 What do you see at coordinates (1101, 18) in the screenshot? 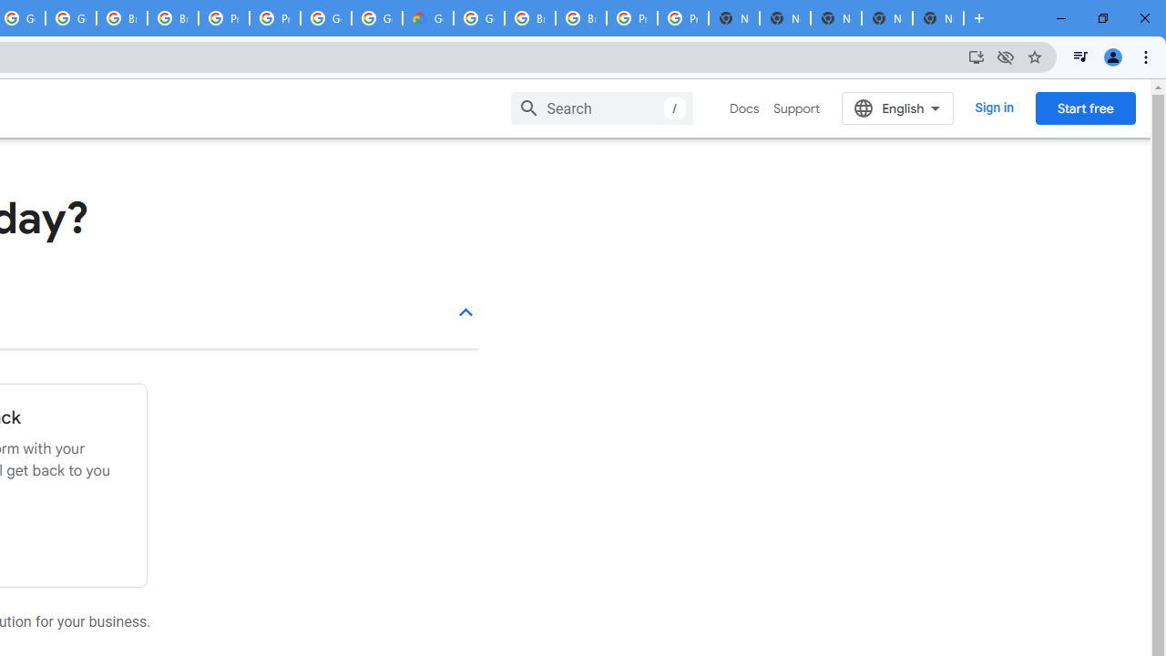
I see `'Restore'` at bounding box center [1101, 18].